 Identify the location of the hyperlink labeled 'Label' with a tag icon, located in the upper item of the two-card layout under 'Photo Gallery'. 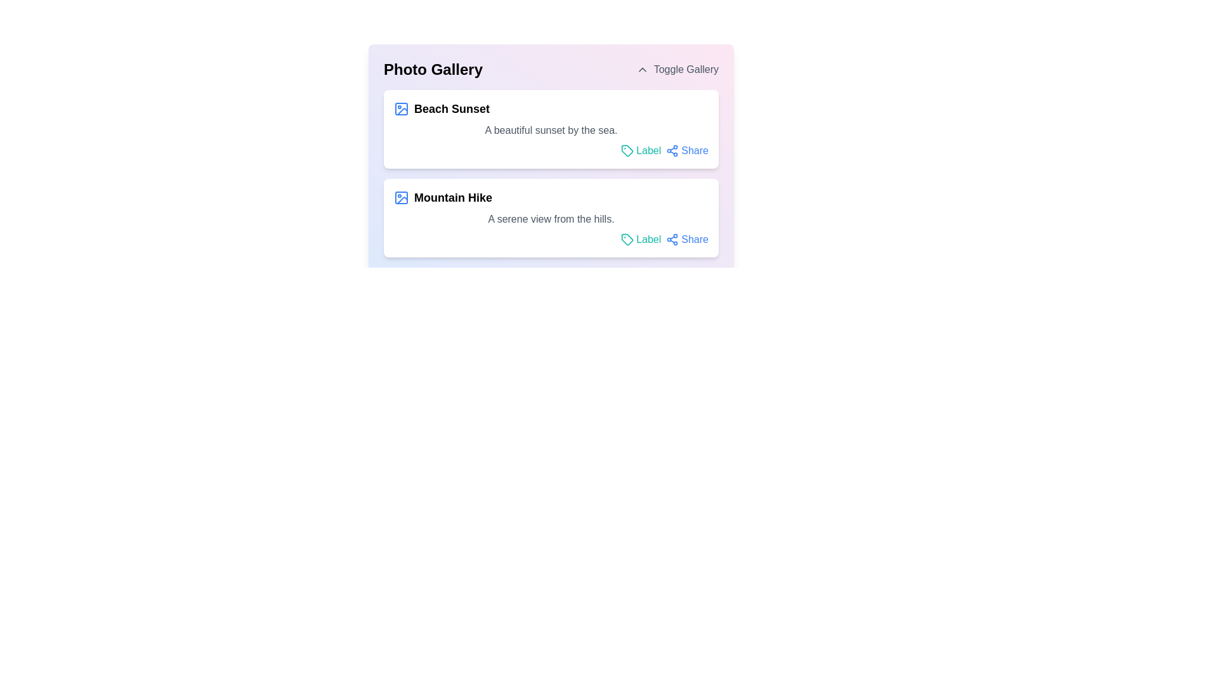
(641, 150).